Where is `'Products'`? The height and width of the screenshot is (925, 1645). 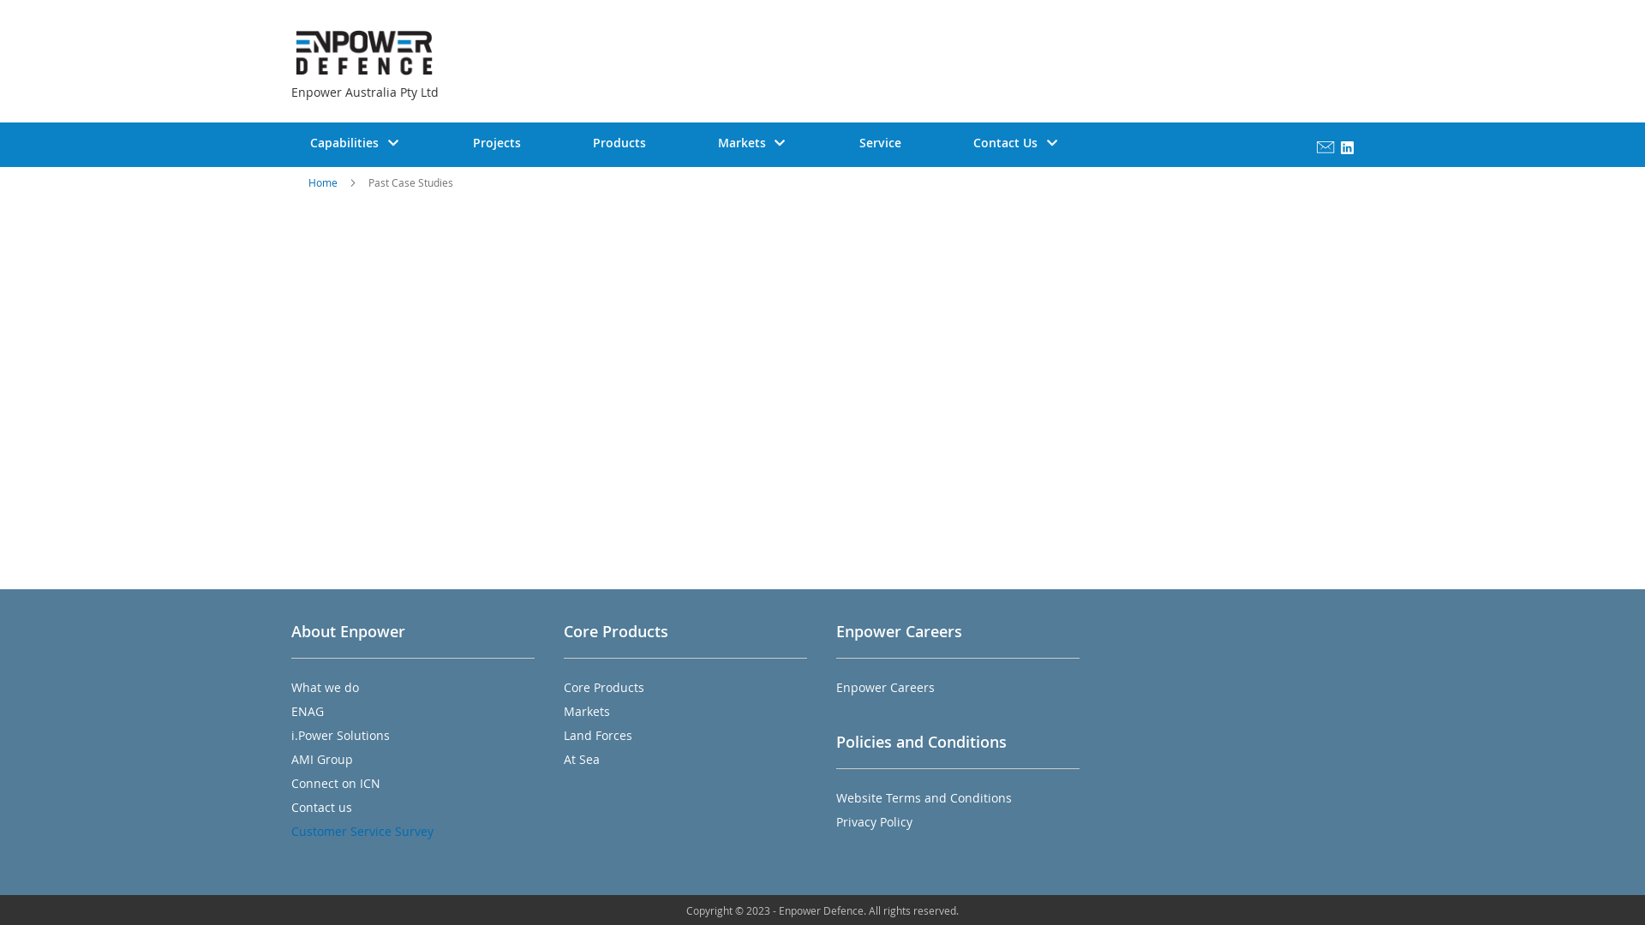
'Products' is located at coordinates (619, 141).